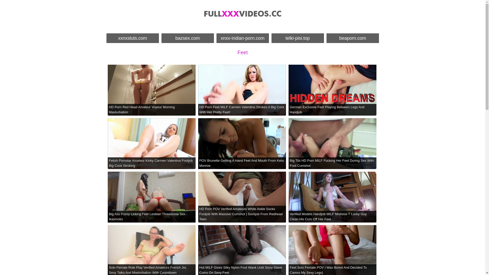  What do you see at coordinates (332, 90) in the screenshot?
I see `'German Exclusive Feet Playing Between Legs And Handjob'` at bounding box center [332, 90].